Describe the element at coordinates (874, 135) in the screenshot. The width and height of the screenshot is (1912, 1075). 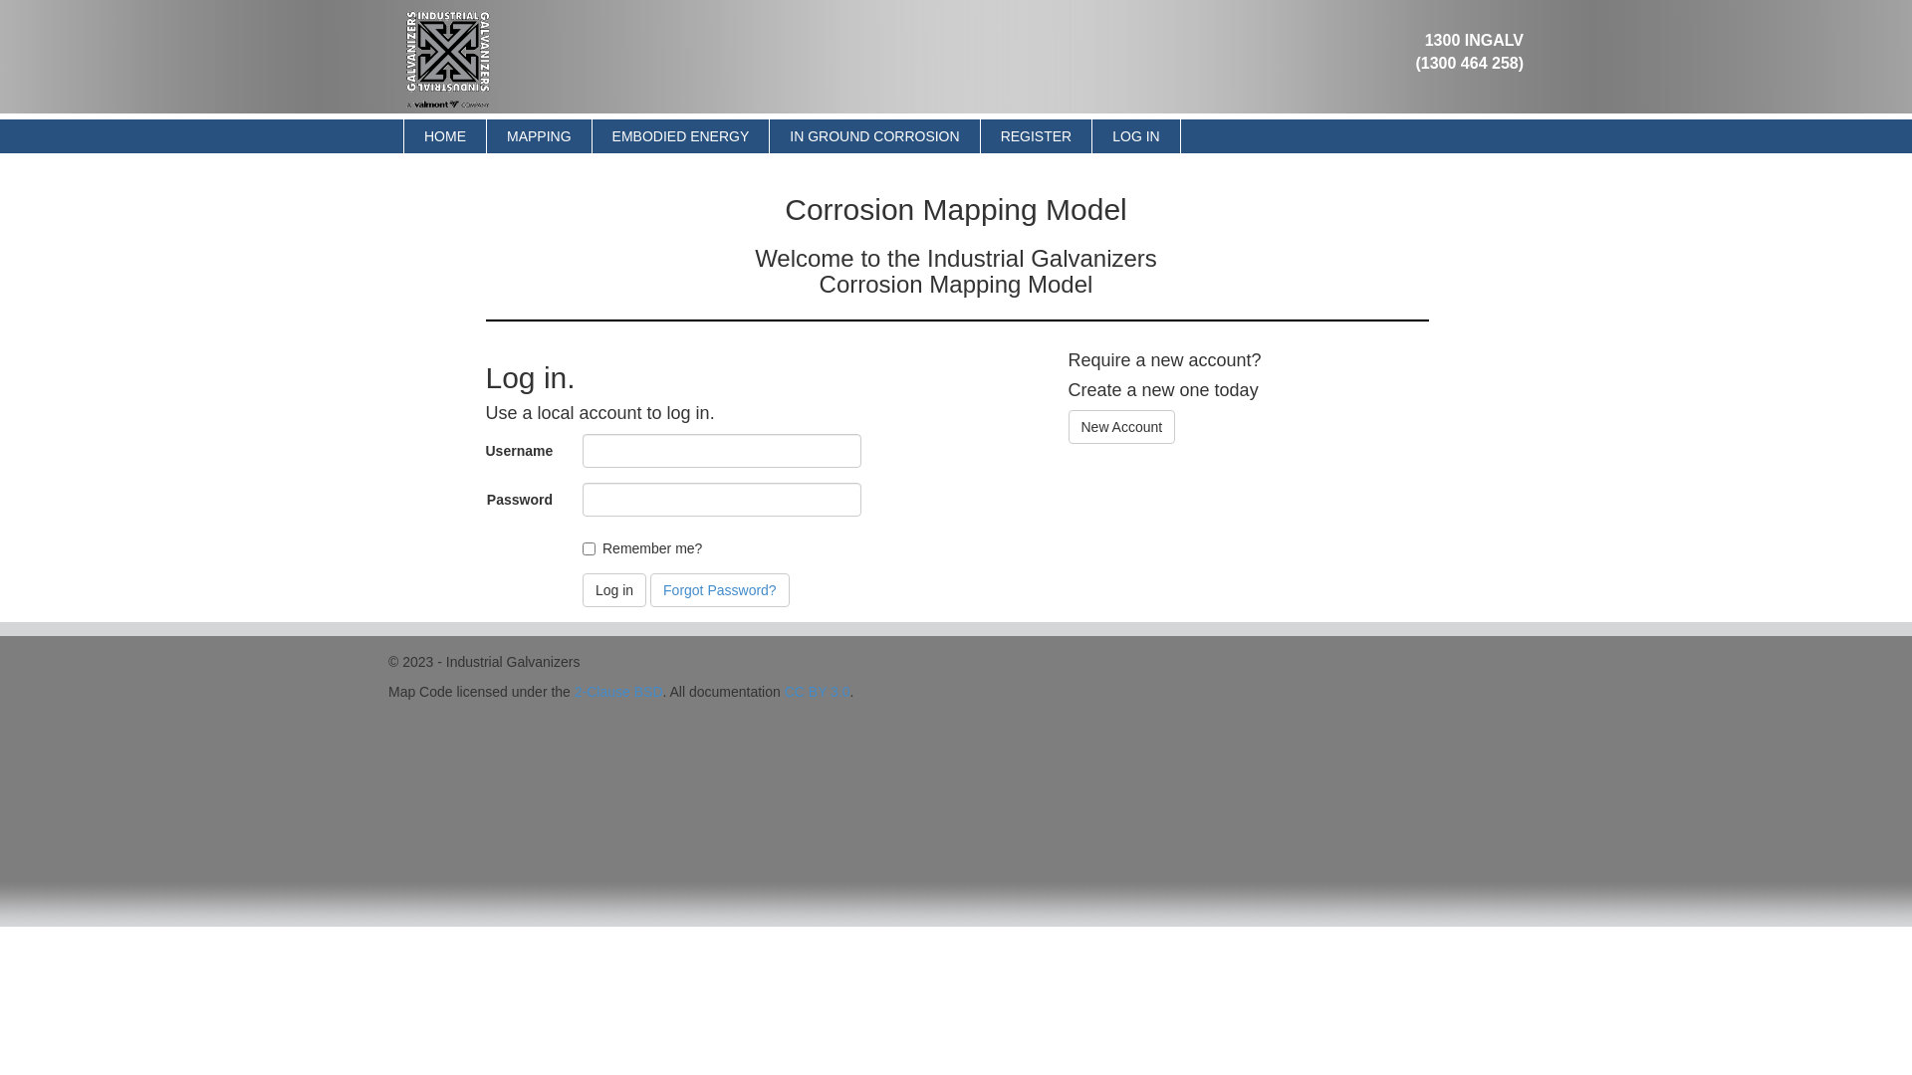
I see `'IN GROUND CORROSION'` at that location.